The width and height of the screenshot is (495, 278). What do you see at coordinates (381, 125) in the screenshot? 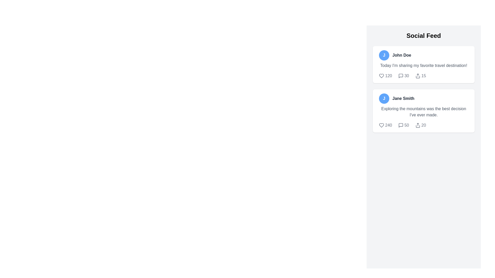
I see `the heart icon located` at bounding box center [381, 125].